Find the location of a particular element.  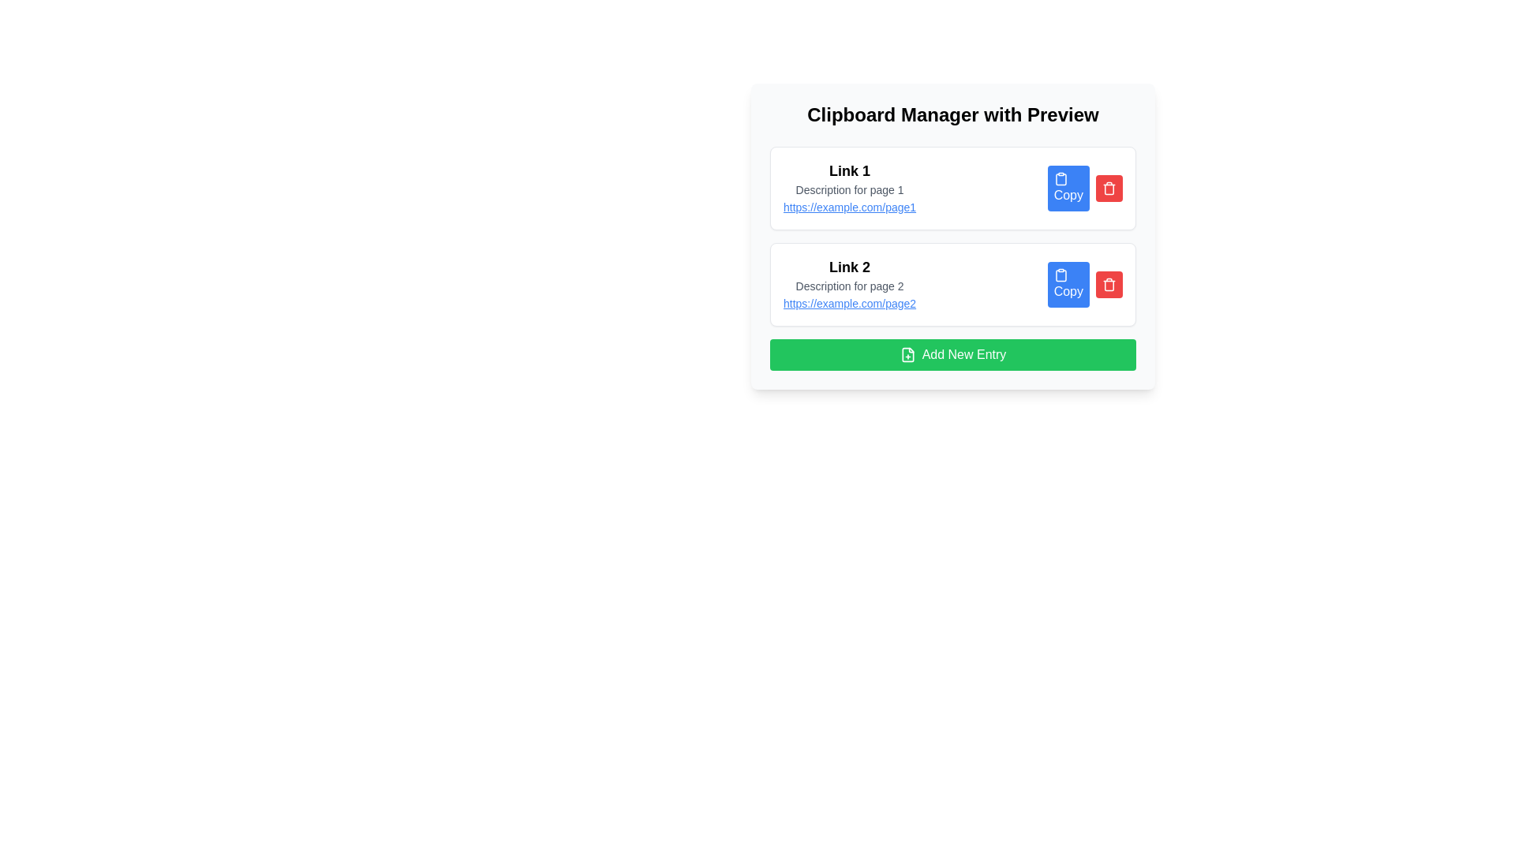

the icon representing the action of adding a new item, which is located to the left of the text inside the green 'Add New Entry' button at the bottom of the card is located at coordinates (907, 355).